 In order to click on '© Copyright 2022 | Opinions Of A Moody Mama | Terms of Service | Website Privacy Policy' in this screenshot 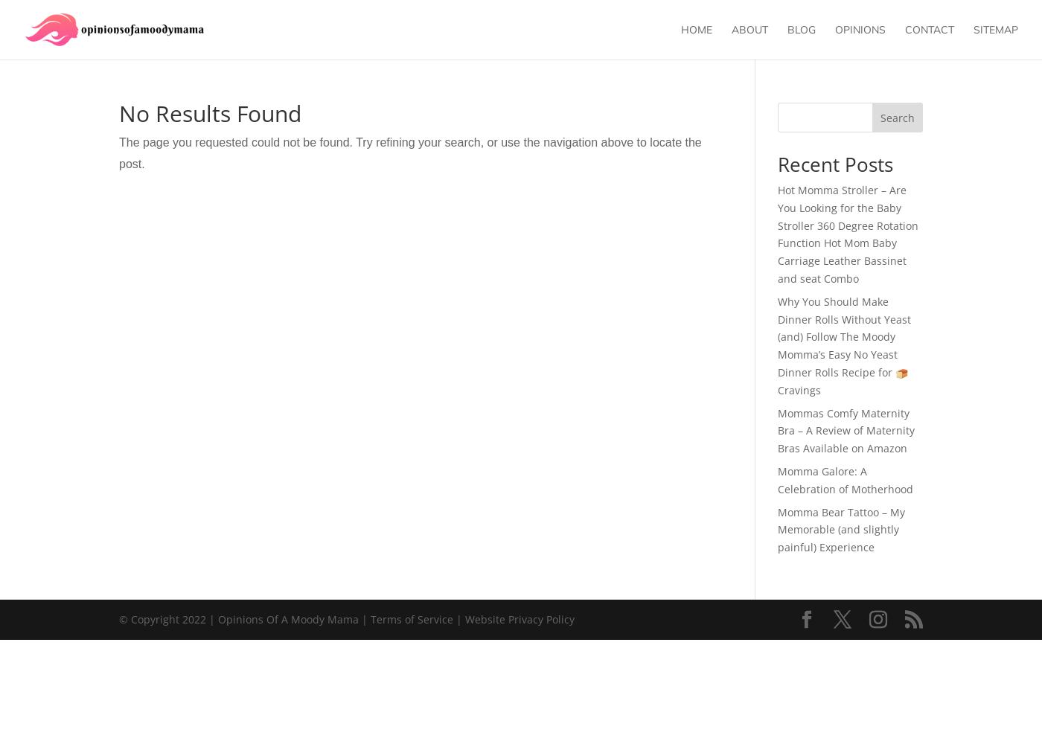, I will do `click(347, 618)`.